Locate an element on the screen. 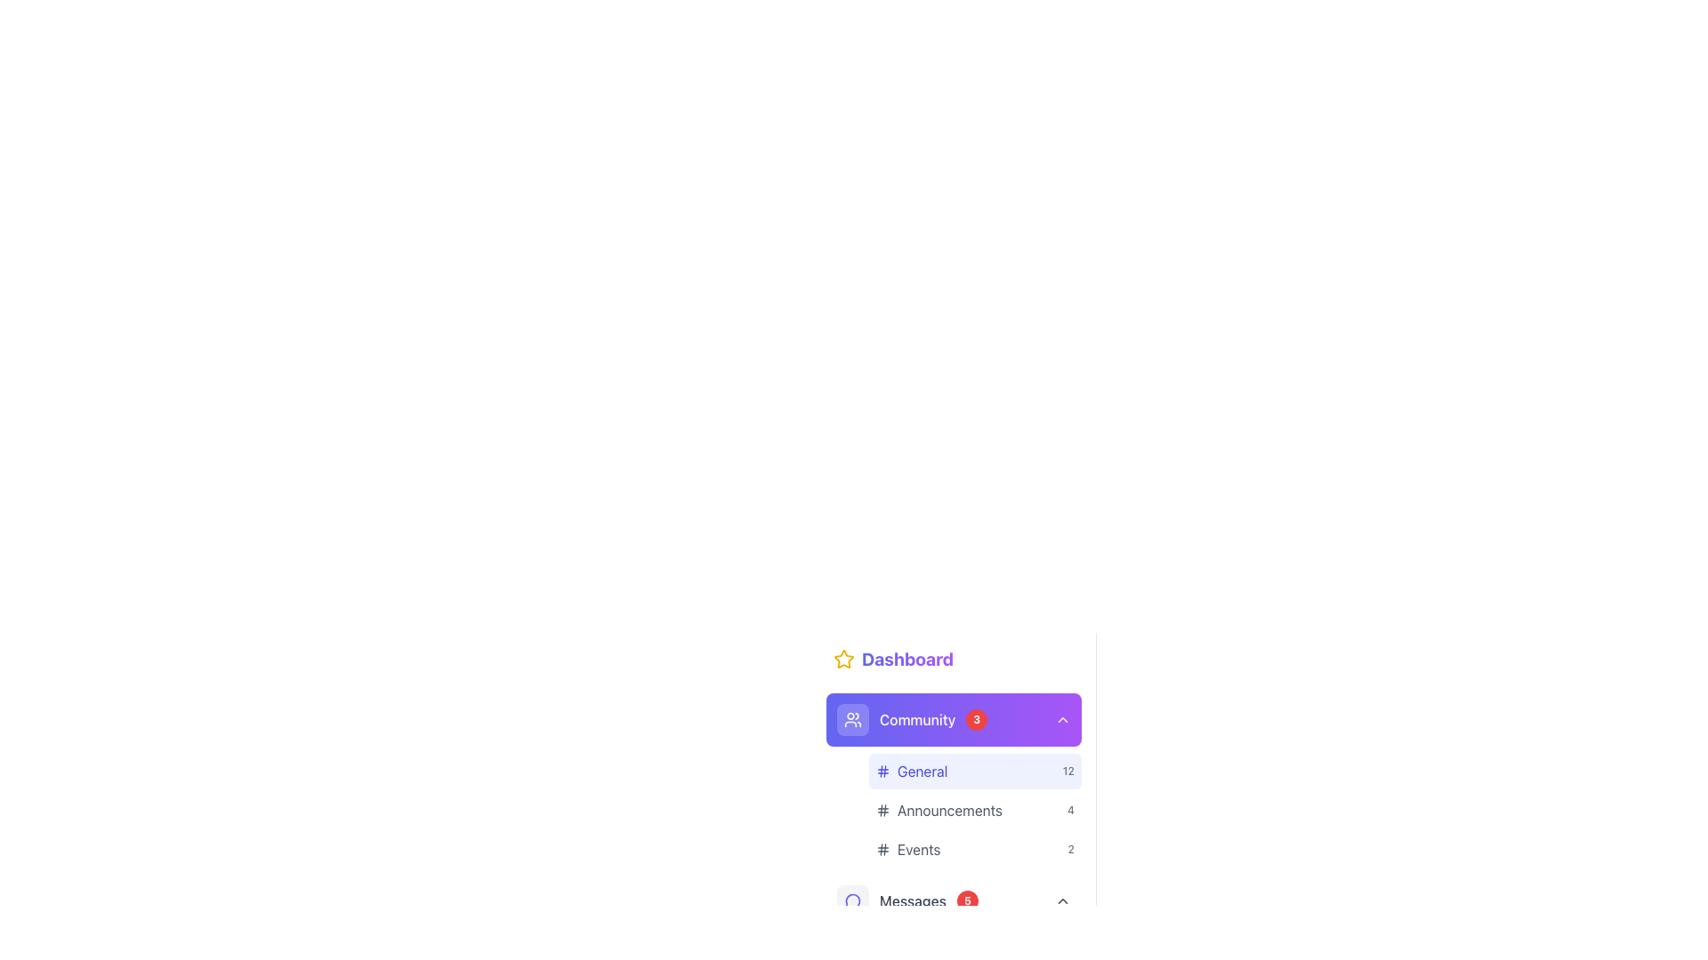 The width and height of the screenshot is (1708, 960). the 'Announcements' button, which is the second item in the 'Community' category list is located at coordinates (974, 810).